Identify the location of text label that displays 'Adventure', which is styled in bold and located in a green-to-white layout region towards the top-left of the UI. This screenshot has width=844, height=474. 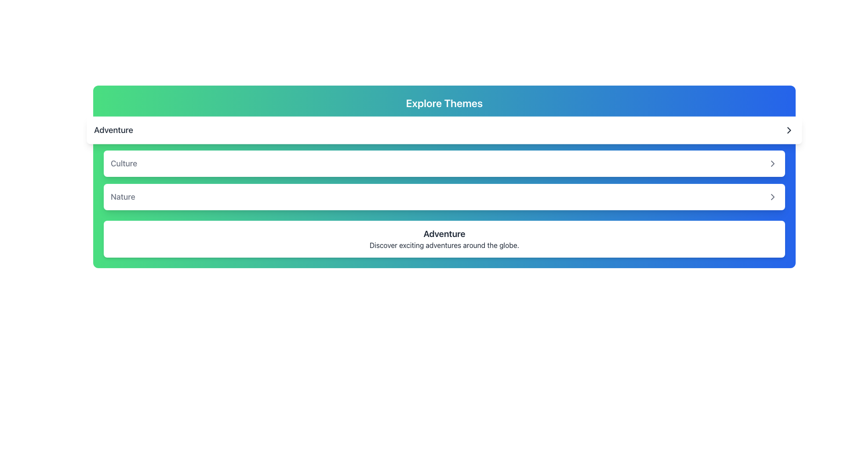
(113, 130).